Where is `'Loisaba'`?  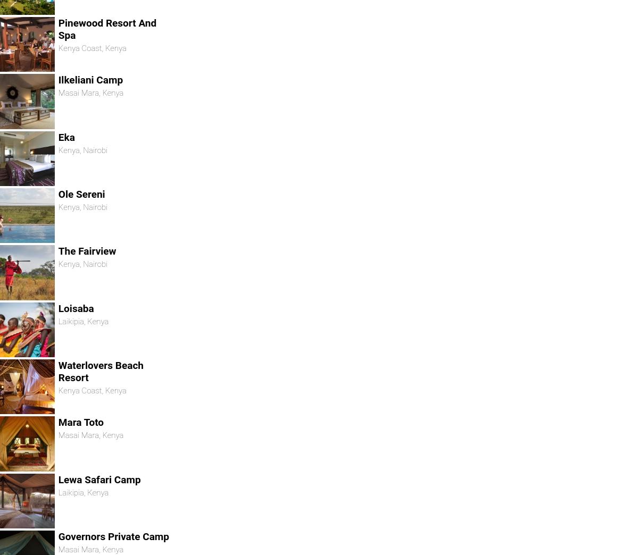
'Loisaba' is located at coordinates (57, 307).